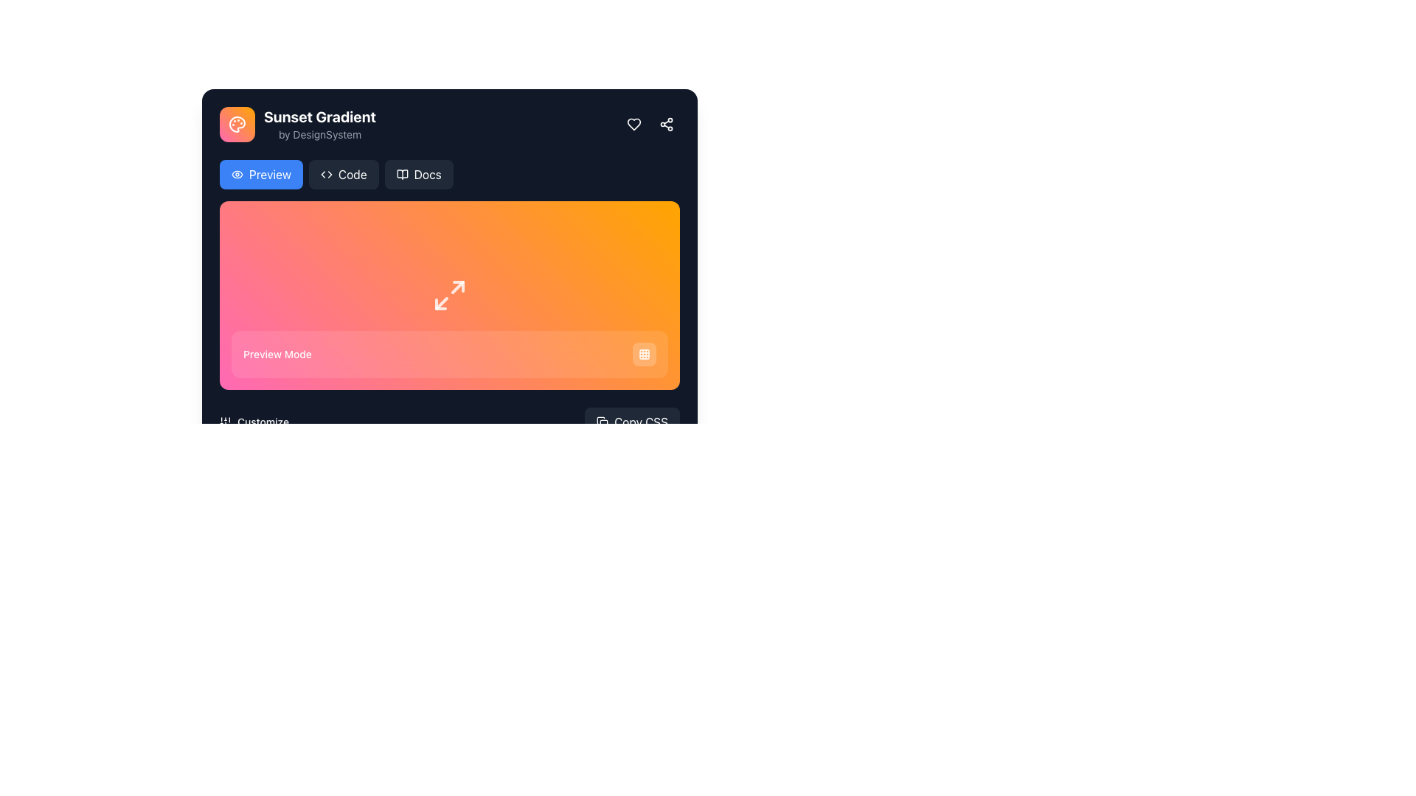 The width and height of the screenshot is (1416, 796). I want to click on the 'Docs' button, which has a gray background, rounded corners, and an open book icon, so click(418, 173).